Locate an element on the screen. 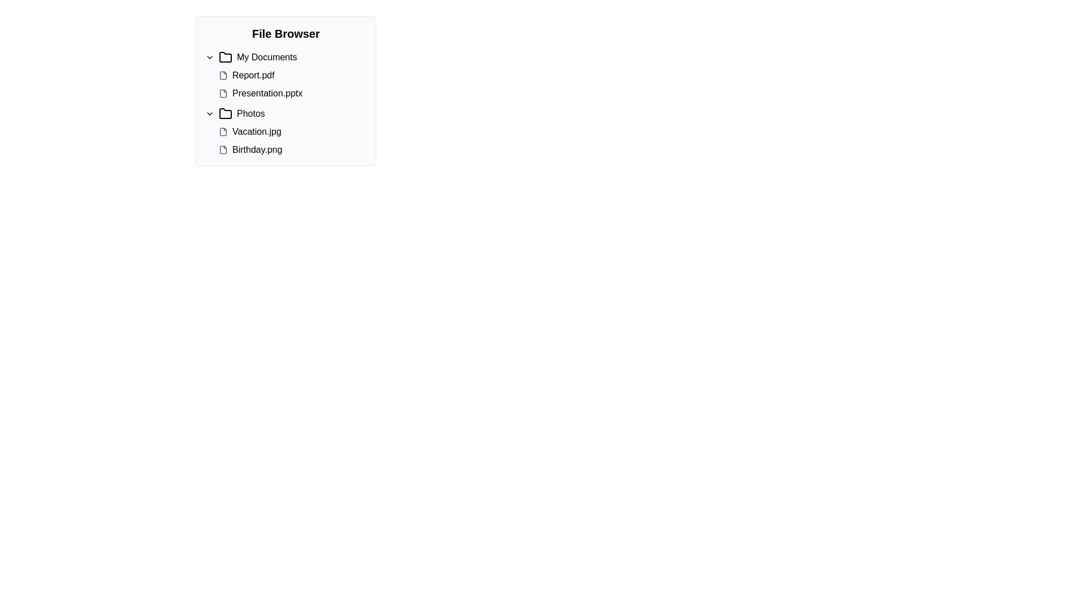 The image size is (1083, 609). the static text heading that serves as the title for the file browser interface, providing context about the content displayed below is located at coordinates (286, 33).